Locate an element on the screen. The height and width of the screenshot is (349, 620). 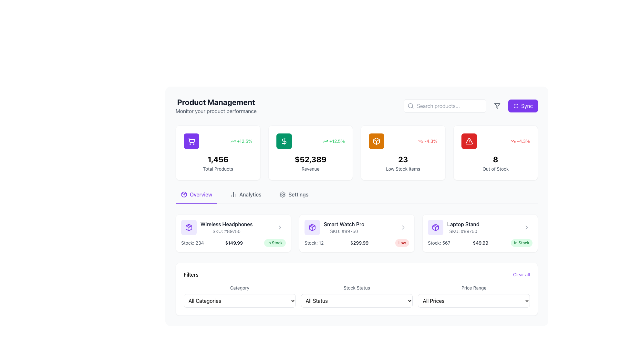
the violet square button with a rounded border containing a white shopping cart icon, located in the first box of the dashboard overview section above the 'Total Products' text is located at coordinates (191, 141).